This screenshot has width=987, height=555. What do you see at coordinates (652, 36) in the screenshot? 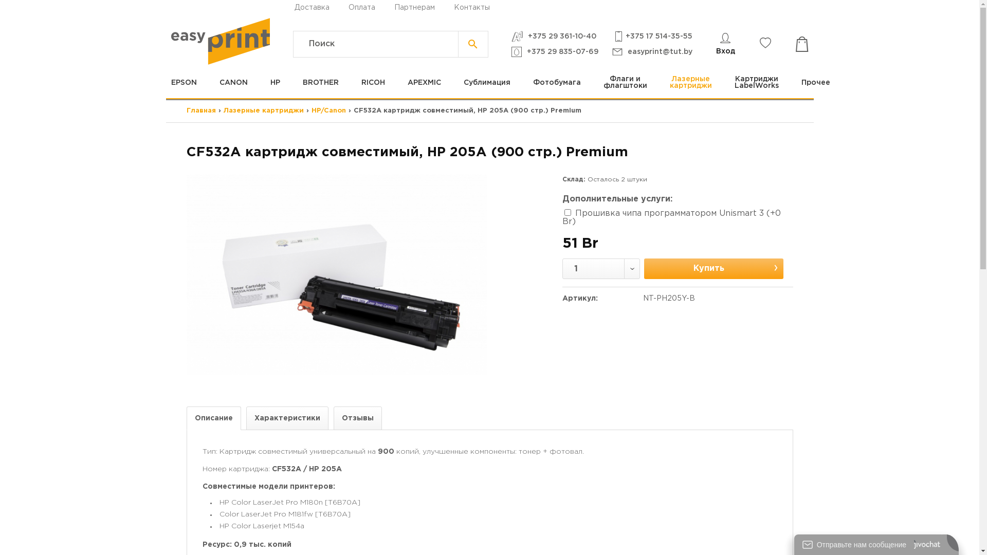
I see `'+375 17 514-35-55'` at bounding box center [652, 36].